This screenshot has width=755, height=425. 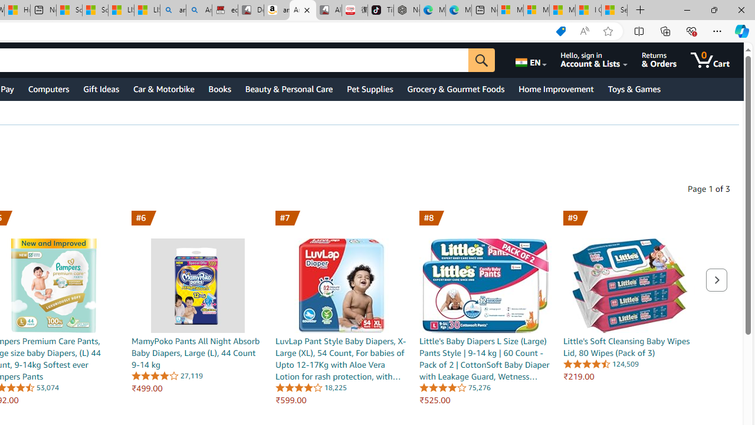 I want to click on 'Little', so click(x=629, y=272).